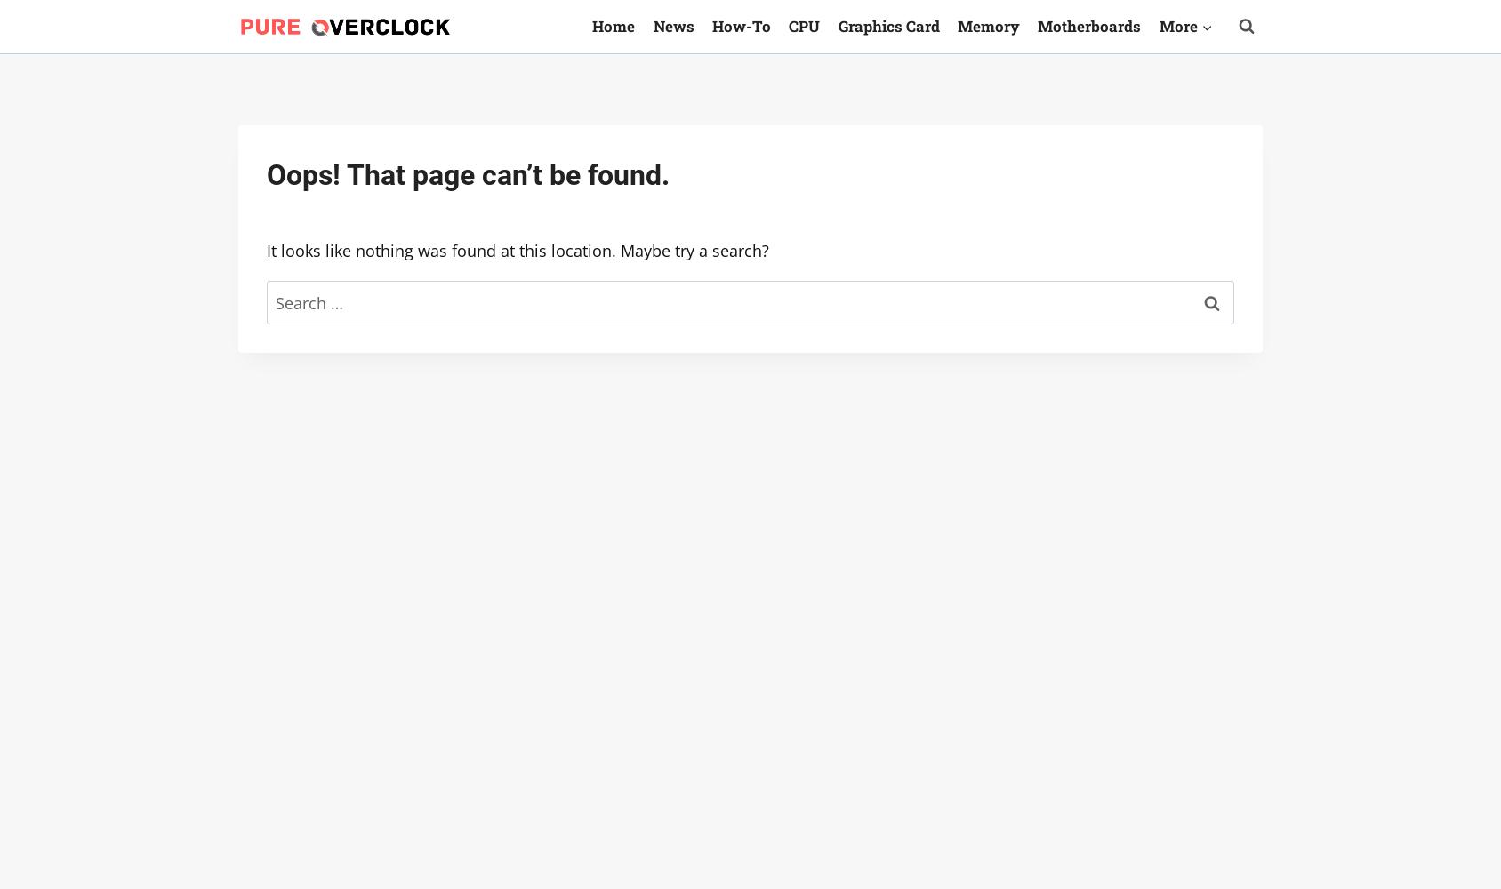  What do you see at coordinates (518, 251) in the screenshot?
I see `'It looks like nothing was found at this location. Maybe try a search?'` at bounding box center [518, 251].